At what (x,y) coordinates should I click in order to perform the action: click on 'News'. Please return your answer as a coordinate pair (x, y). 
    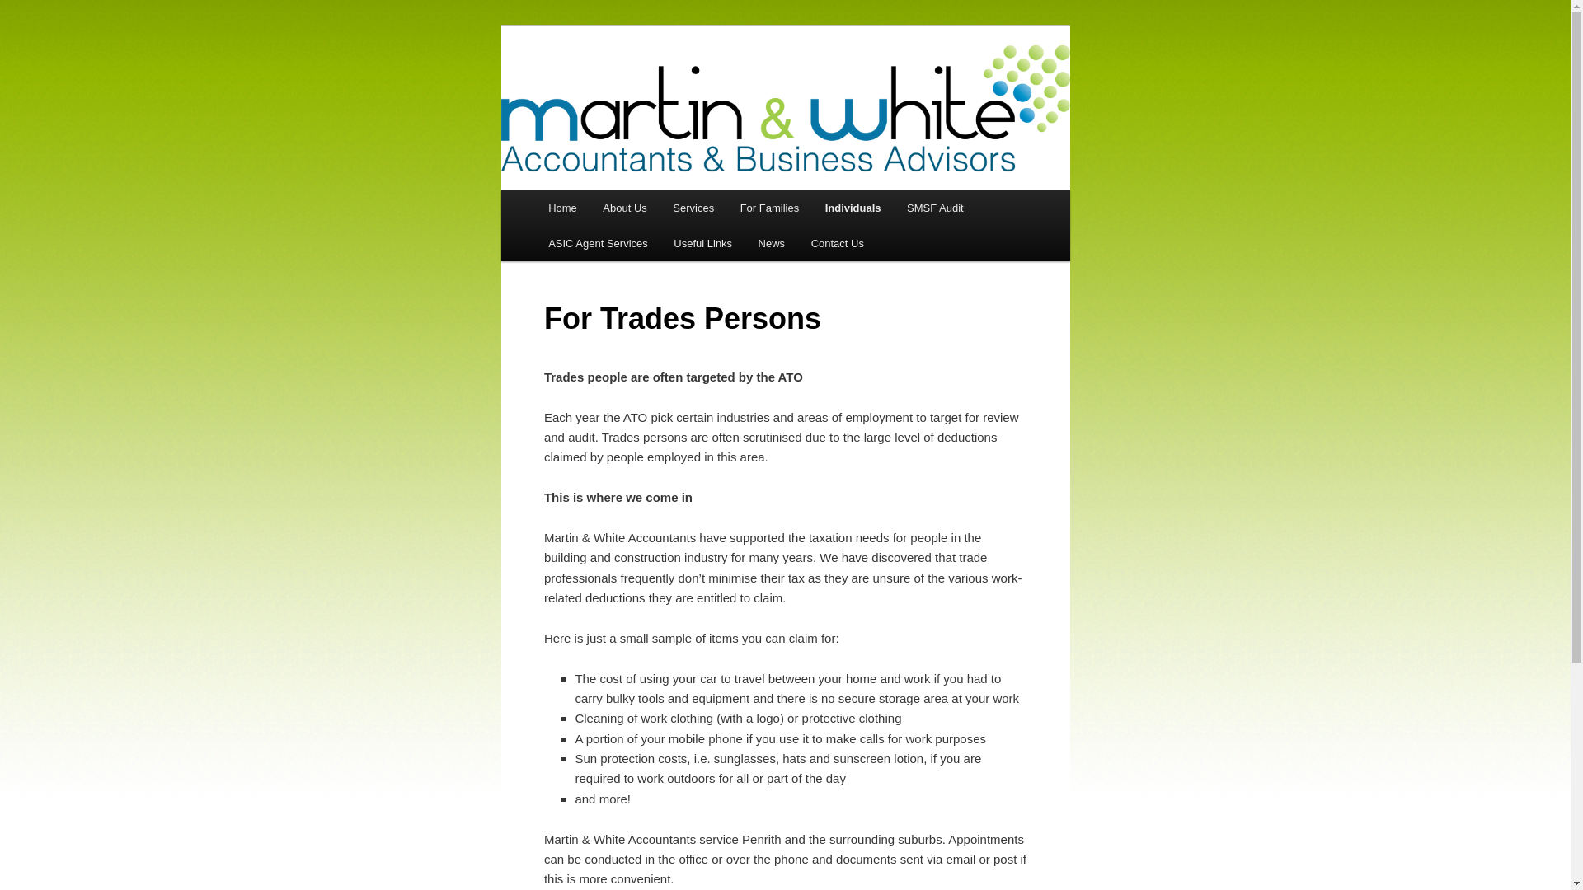
    Looking at the image, I should click on (771, 243).